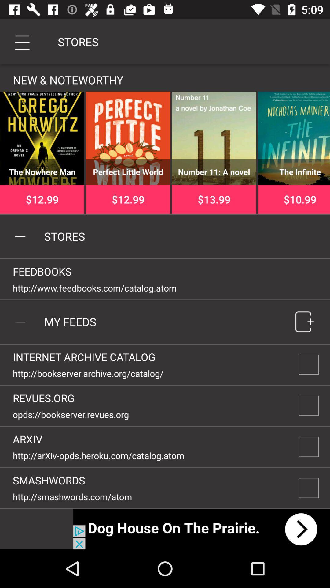 This screenshot has width=330, height=588. What do you see at coordinates (201, 529) in the screenshot?
I see `advertisement click option` at bounding box center [201, 529].